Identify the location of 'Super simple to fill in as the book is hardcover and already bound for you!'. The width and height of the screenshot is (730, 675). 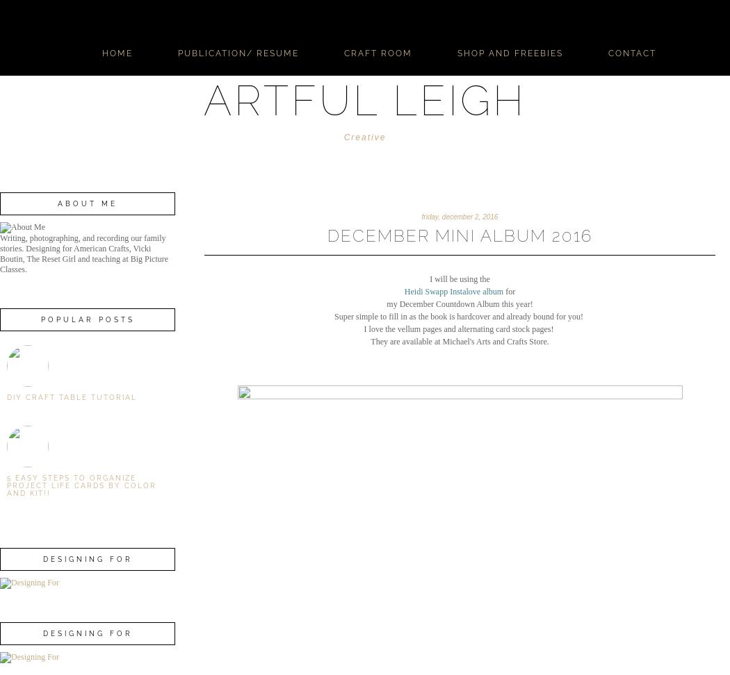
(334, 315).